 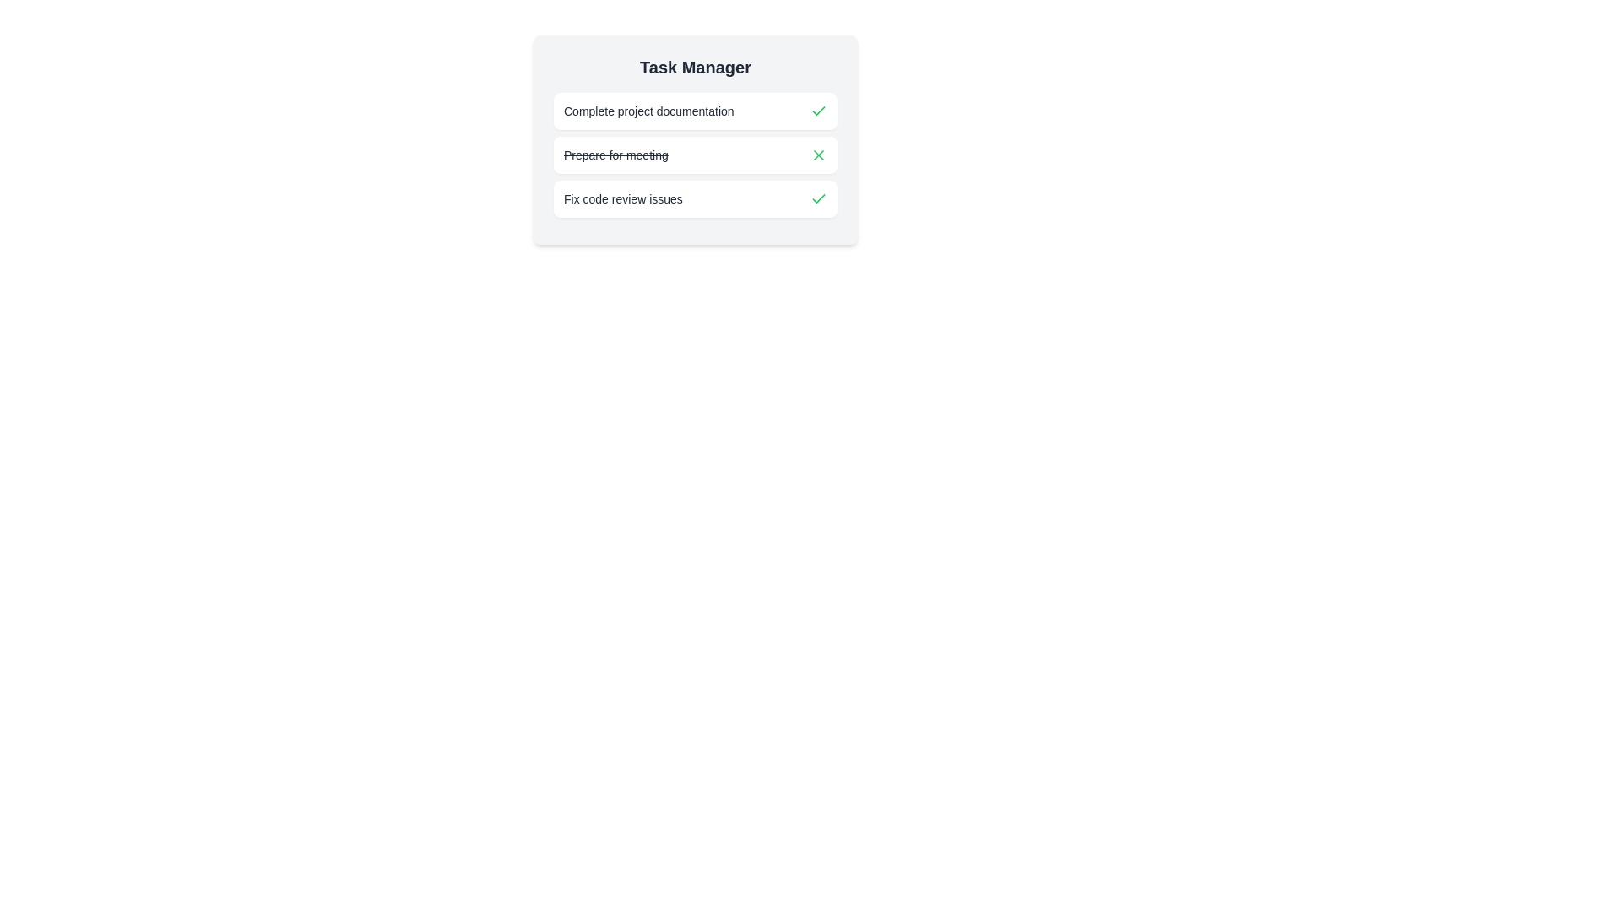 What do you see at coordinates (622, 198) in the screenshot?
I see `text label that says 'Fix code review issues' to understand the task description in the task management interface` at bounding box center [622, 198].